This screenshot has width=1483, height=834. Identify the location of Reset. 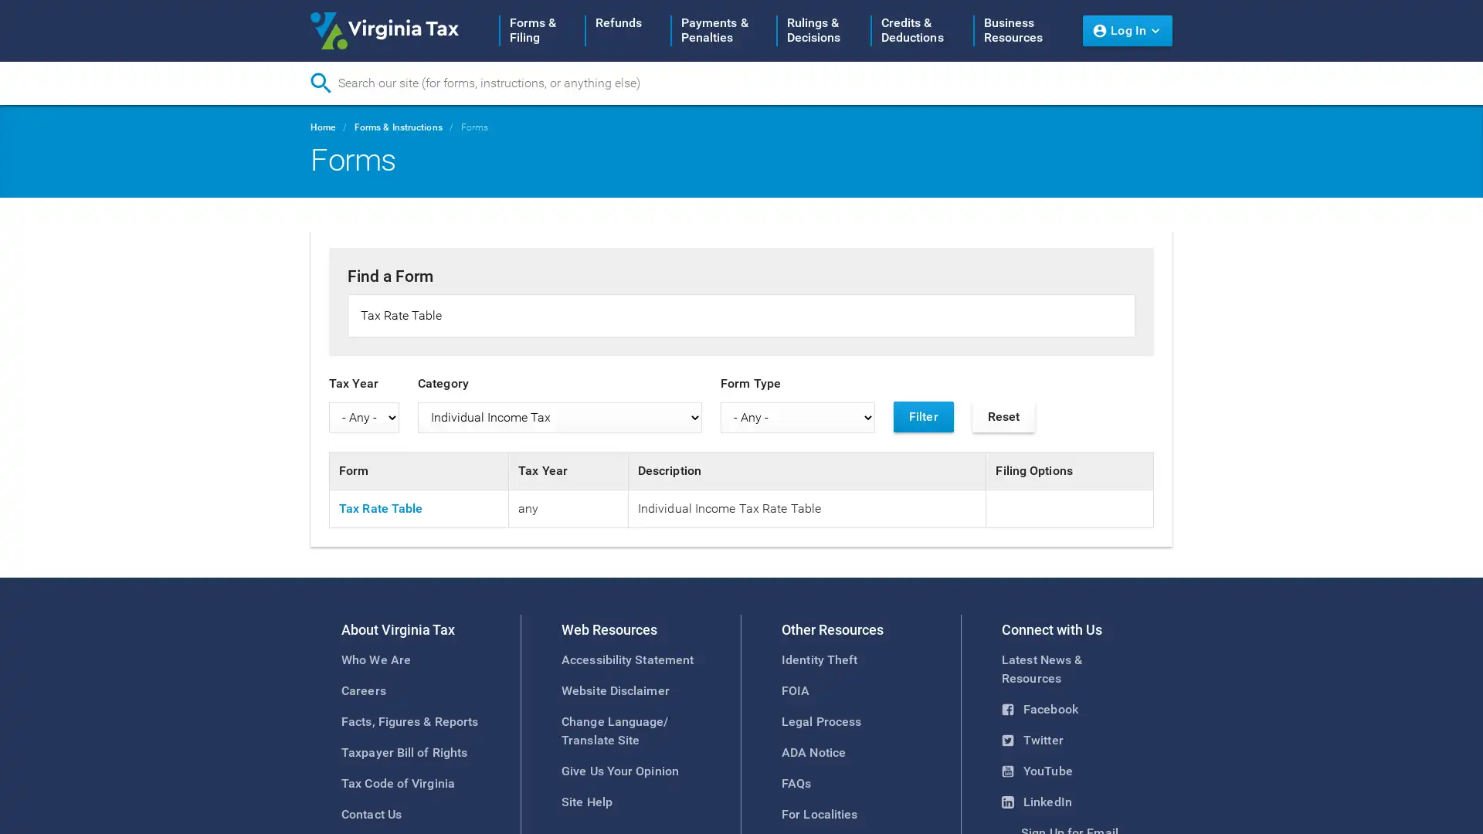
(1003, 415).